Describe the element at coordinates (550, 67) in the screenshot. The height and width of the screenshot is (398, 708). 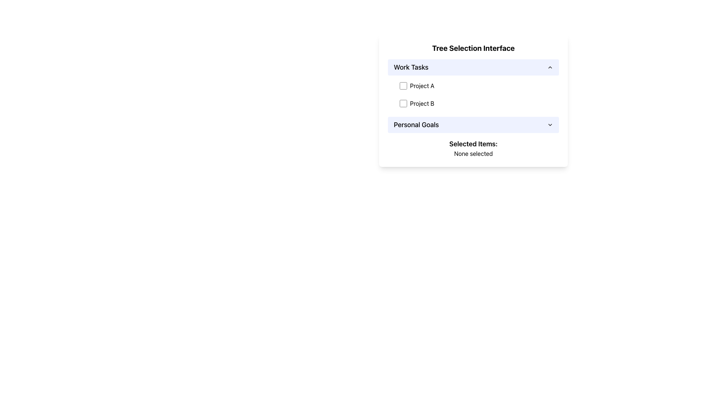
I see `the upward-pointing chevron icon located to the right of the 'Work Tasks' button` at that location.